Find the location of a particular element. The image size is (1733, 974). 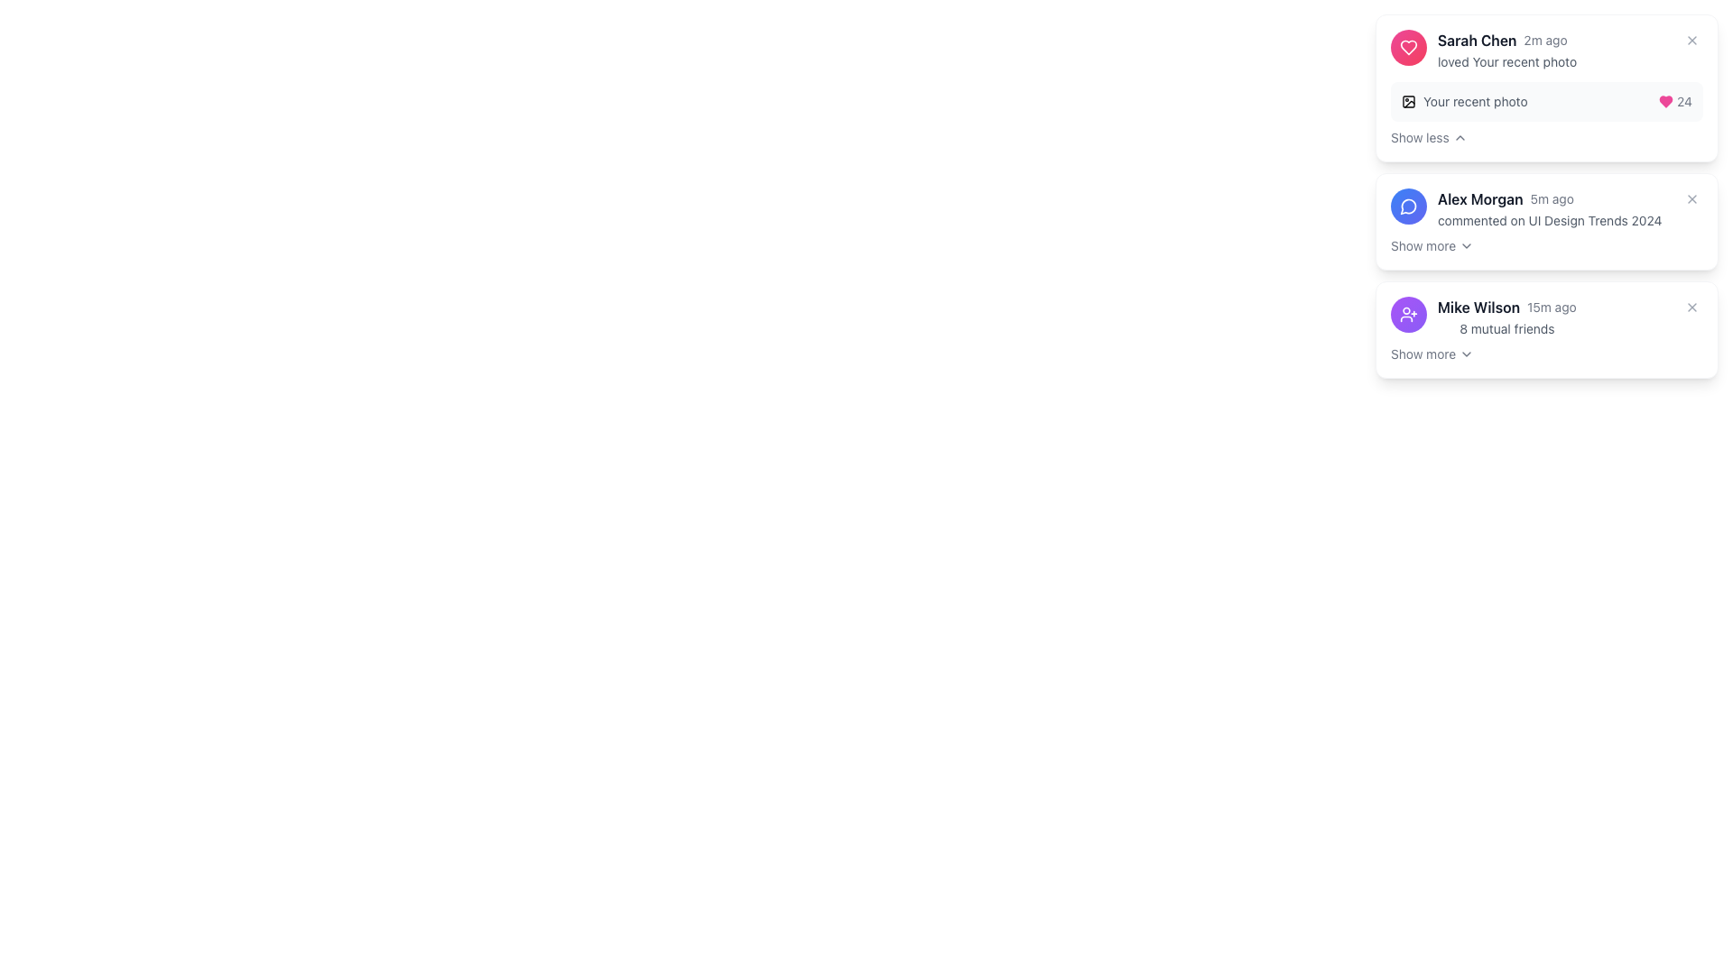

the 'X' button located in the upper-right corner of the notification card for 'Alex Morgan' is located at coordinates (1691, 198).